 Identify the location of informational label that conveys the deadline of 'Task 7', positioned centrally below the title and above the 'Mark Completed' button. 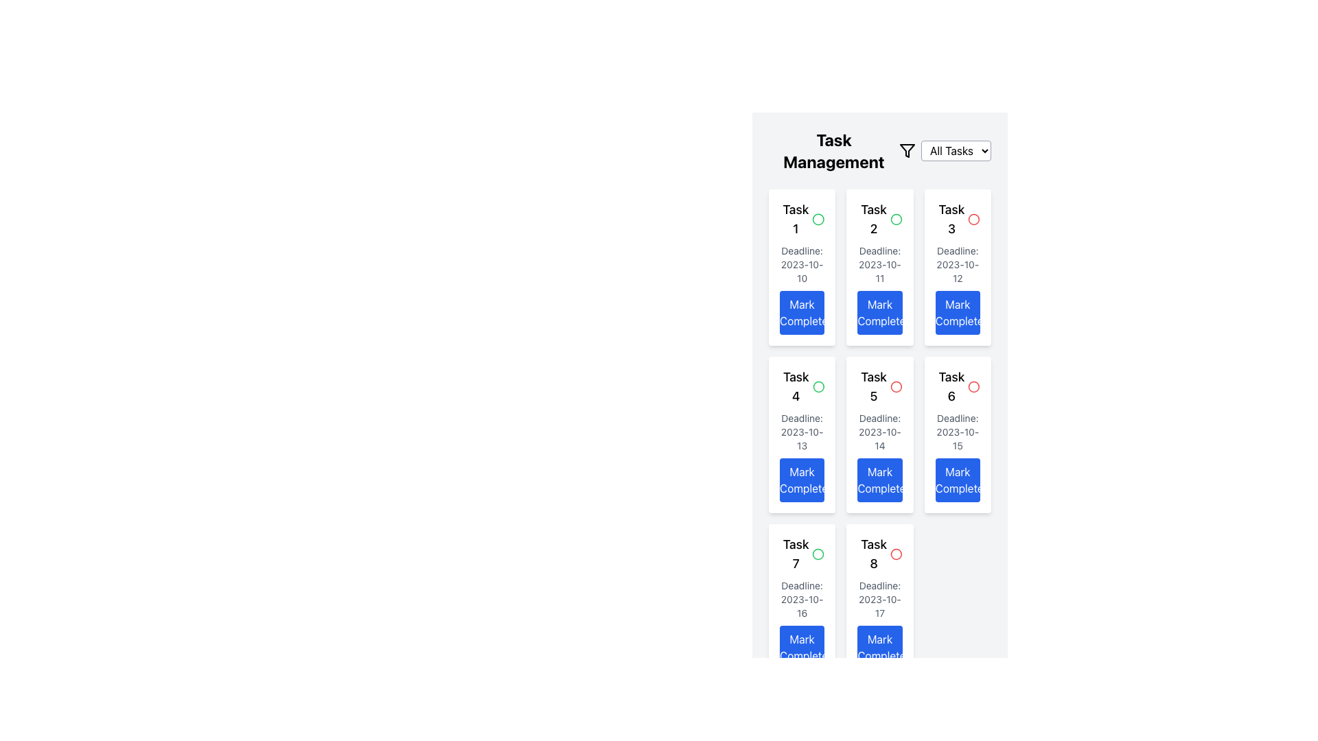
(802, 599).